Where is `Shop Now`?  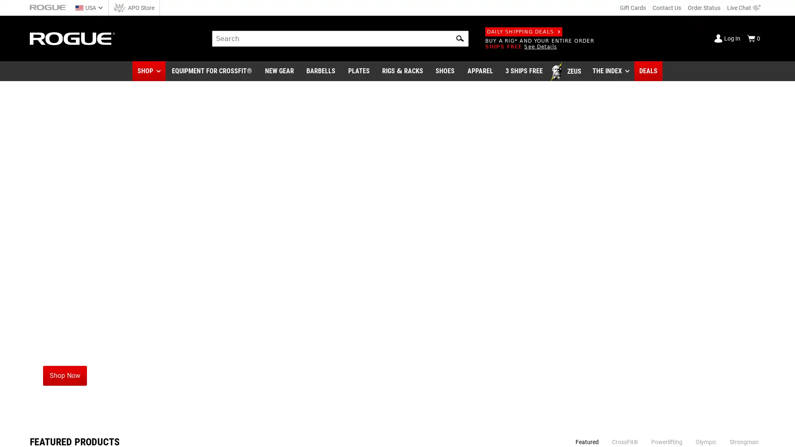
Shop Now is located at coordinates (64, 375).